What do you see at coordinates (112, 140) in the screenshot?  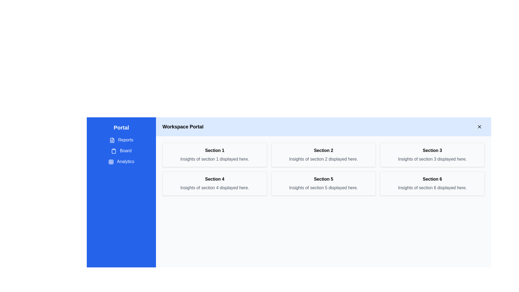 I see `the 'Reports' icon located in the sidebar on the left, adjacent to the 'Reports' text` at bounding box center [112, 140].